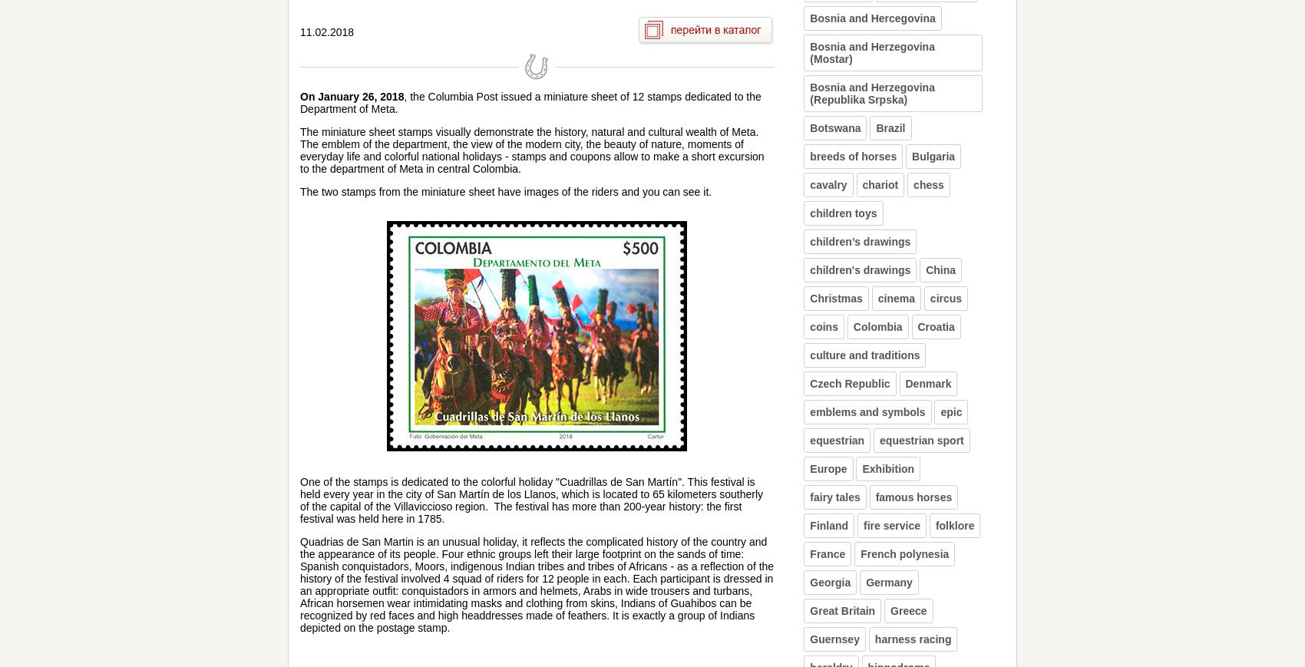 The height and width of the screenshot is (667, 1305). What do you see at coordinates (913, 497) in the screenshot?
I see `'famous horses'` at bounding box center [913, 497].